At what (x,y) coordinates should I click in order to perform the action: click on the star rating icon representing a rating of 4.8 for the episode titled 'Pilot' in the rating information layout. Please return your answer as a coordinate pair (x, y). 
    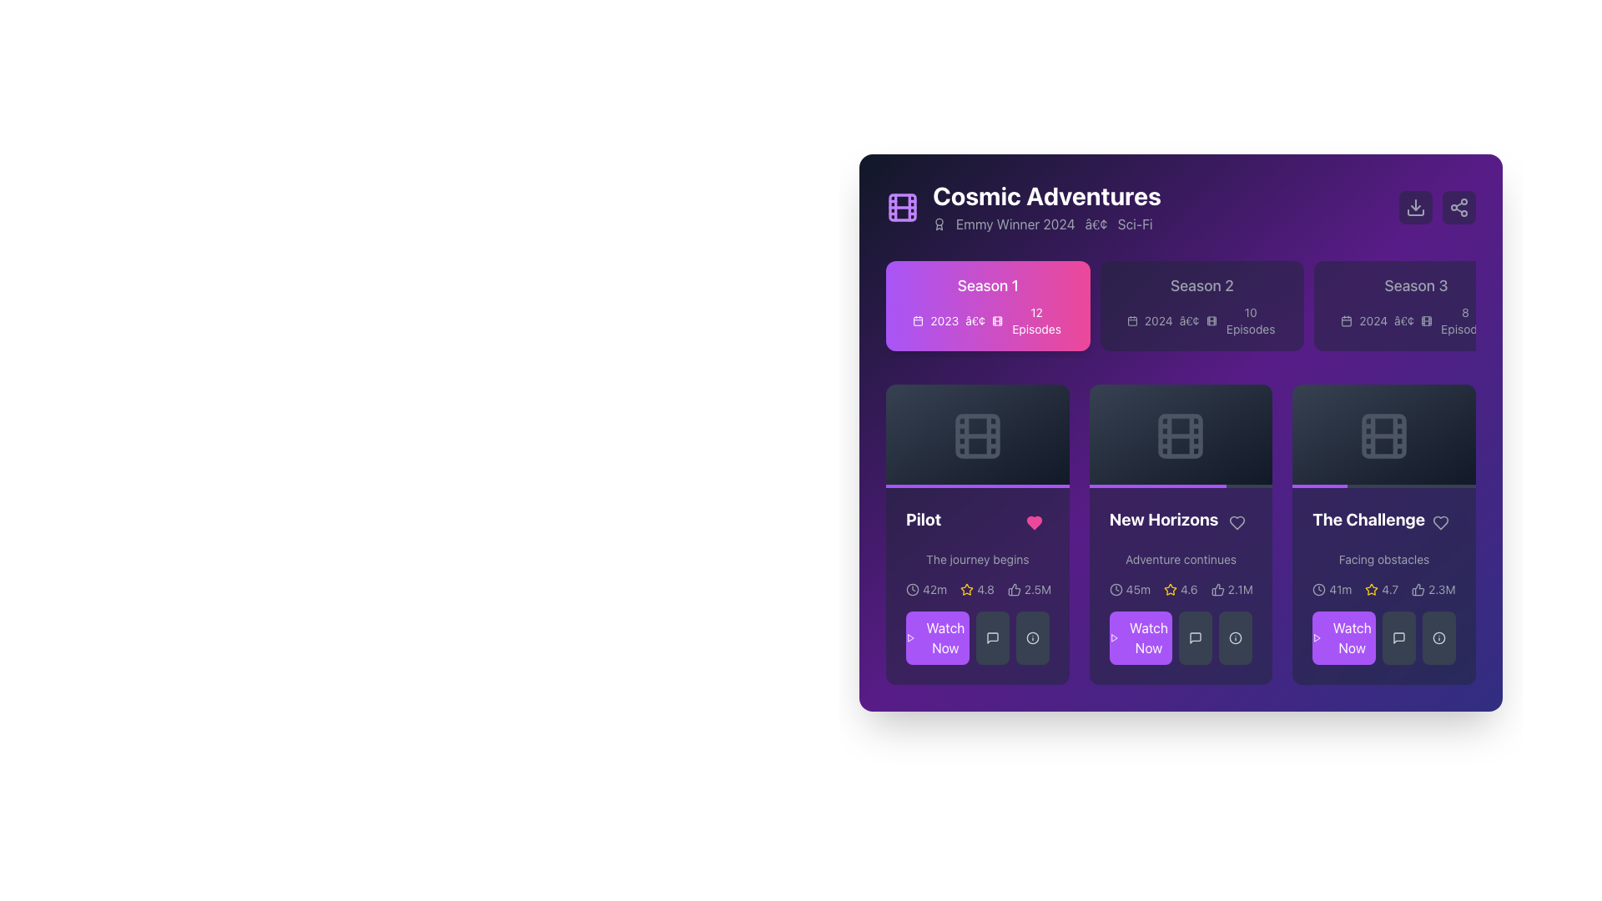
    Looking at the image, I should click on (967, 588).